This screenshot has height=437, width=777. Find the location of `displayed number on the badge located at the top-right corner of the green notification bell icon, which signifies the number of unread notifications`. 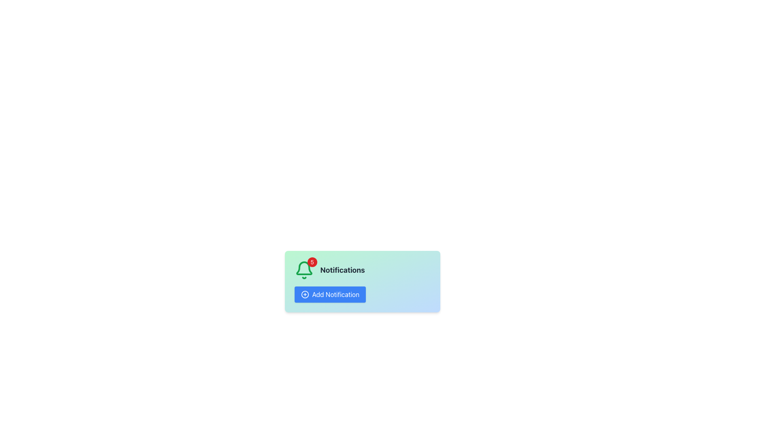

displayed number on the badge located at the top-right corner of the green notification bell icon, which signifies the number of unread notifications is located at coordinates (312, 262).